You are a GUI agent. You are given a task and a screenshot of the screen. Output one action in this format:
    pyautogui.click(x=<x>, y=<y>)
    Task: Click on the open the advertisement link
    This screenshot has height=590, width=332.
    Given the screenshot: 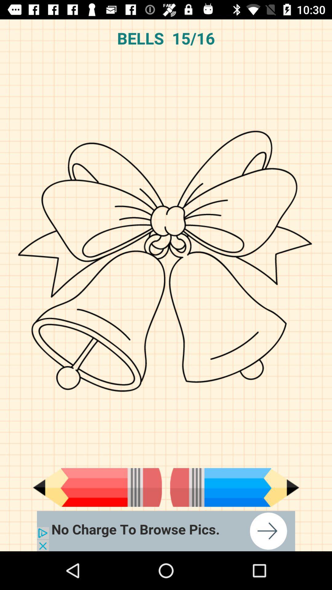 What is the action you would take?
    pyautogui.click(x=166, y=531)
    